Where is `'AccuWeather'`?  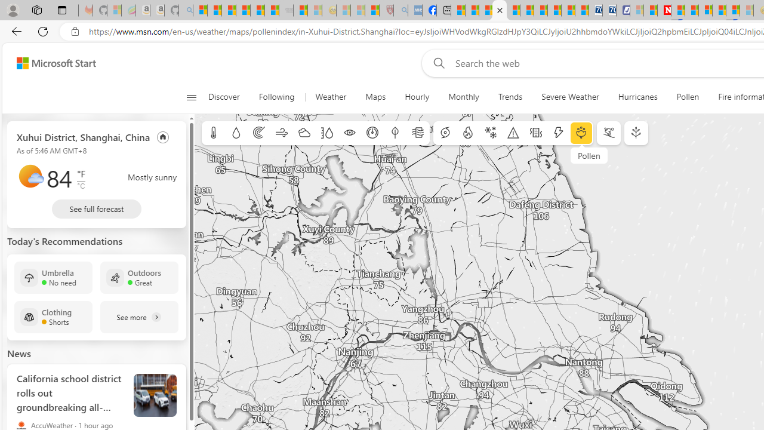
'AccuWeather' is located at coordinates (21, 425).